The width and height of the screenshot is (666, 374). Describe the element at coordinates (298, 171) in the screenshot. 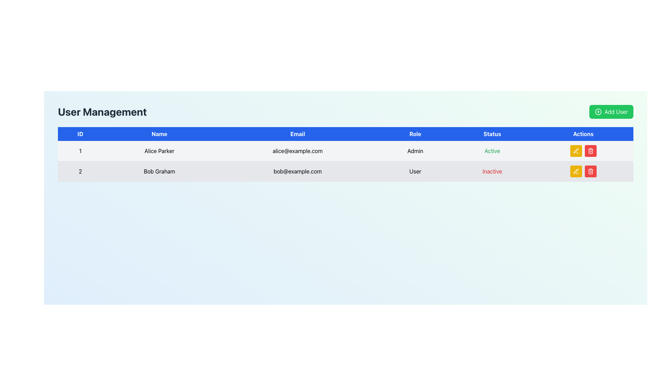

I see `the text label displaying the email address of the user 'Bob Graham' in the second row of the user management interface` at that location.